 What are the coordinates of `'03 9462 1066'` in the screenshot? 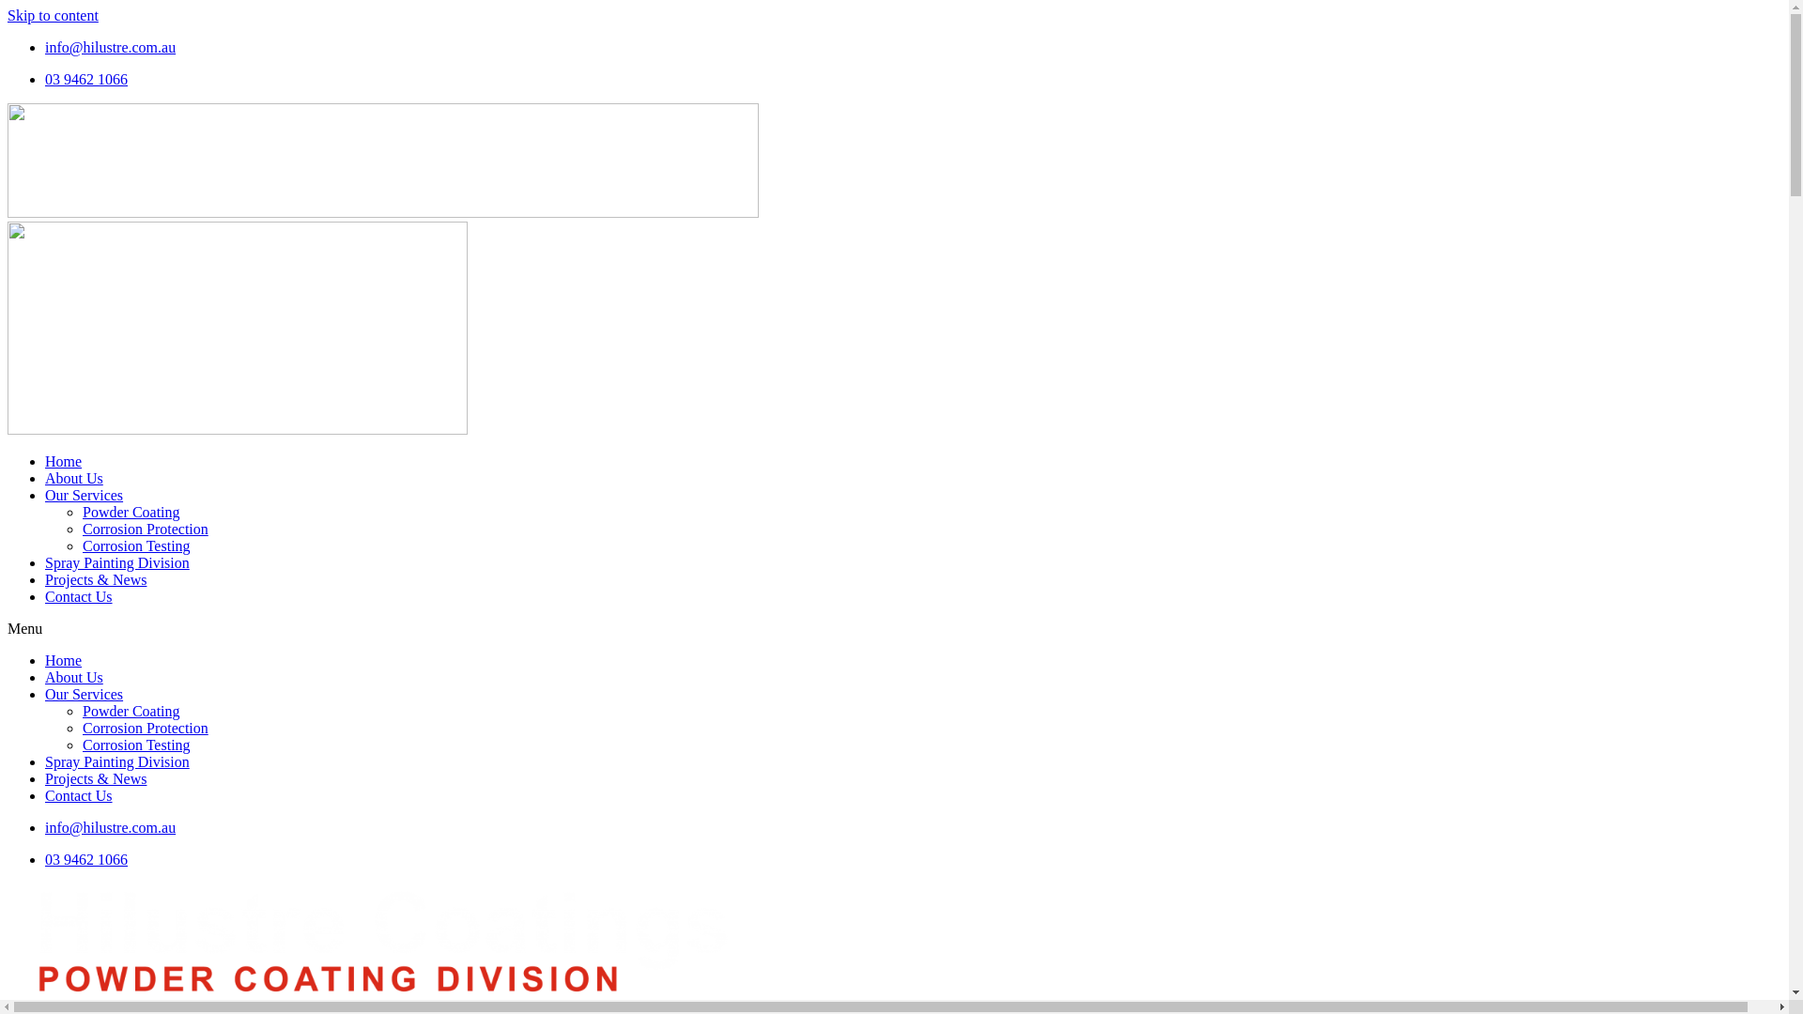 It's located at (85, 859).